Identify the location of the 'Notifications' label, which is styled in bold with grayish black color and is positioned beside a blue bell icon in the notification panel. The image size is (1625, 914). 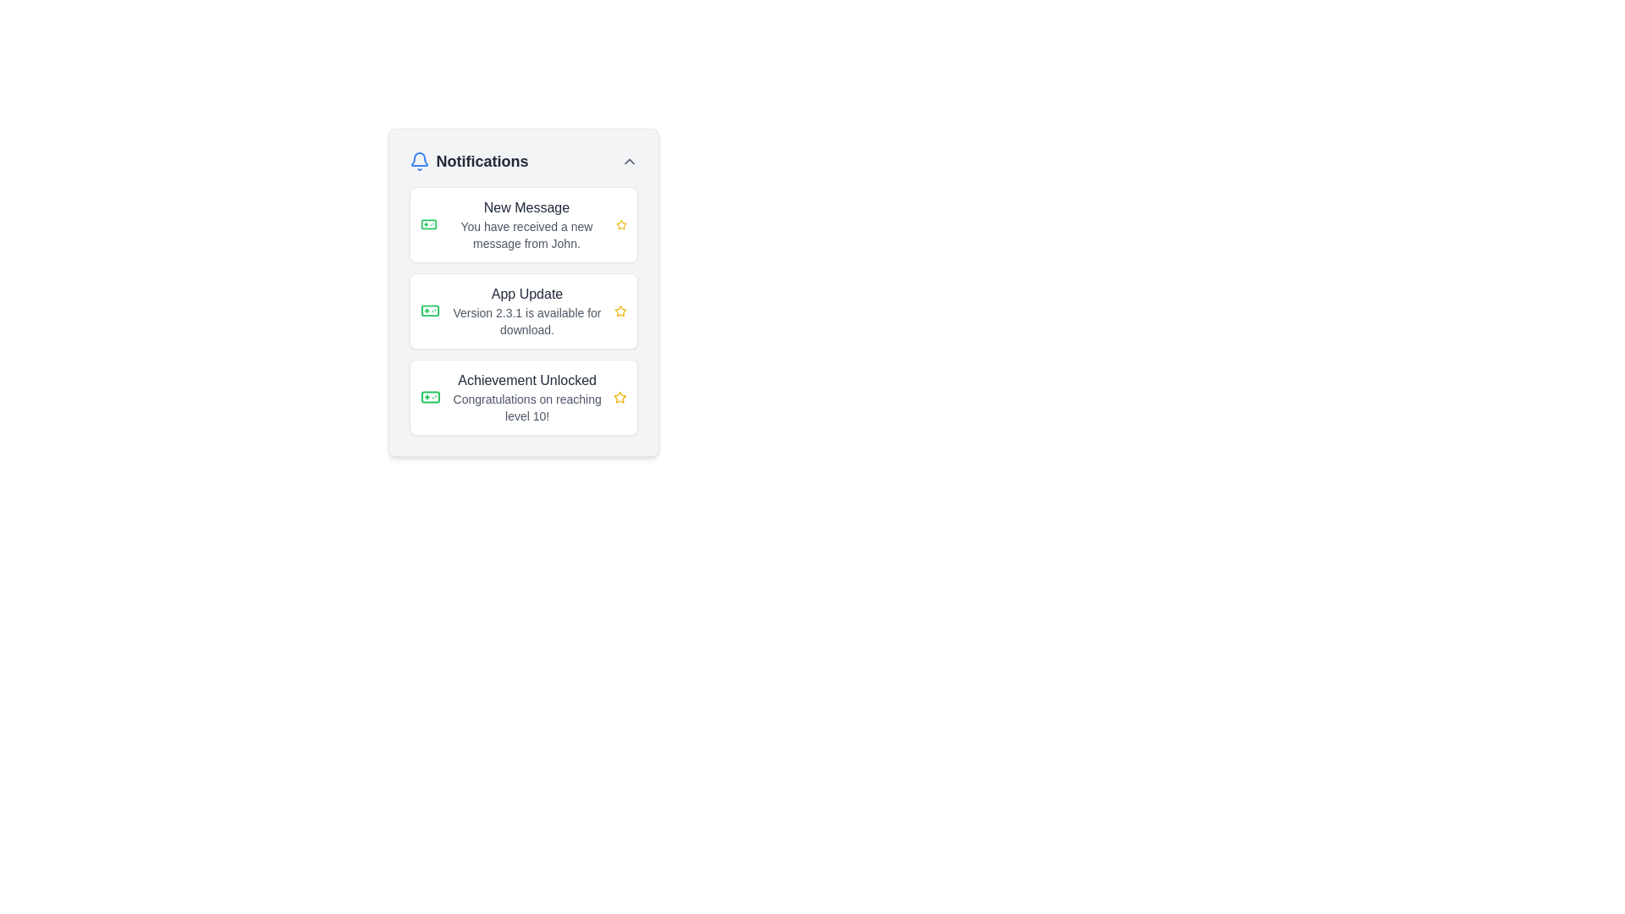
(482, 162).